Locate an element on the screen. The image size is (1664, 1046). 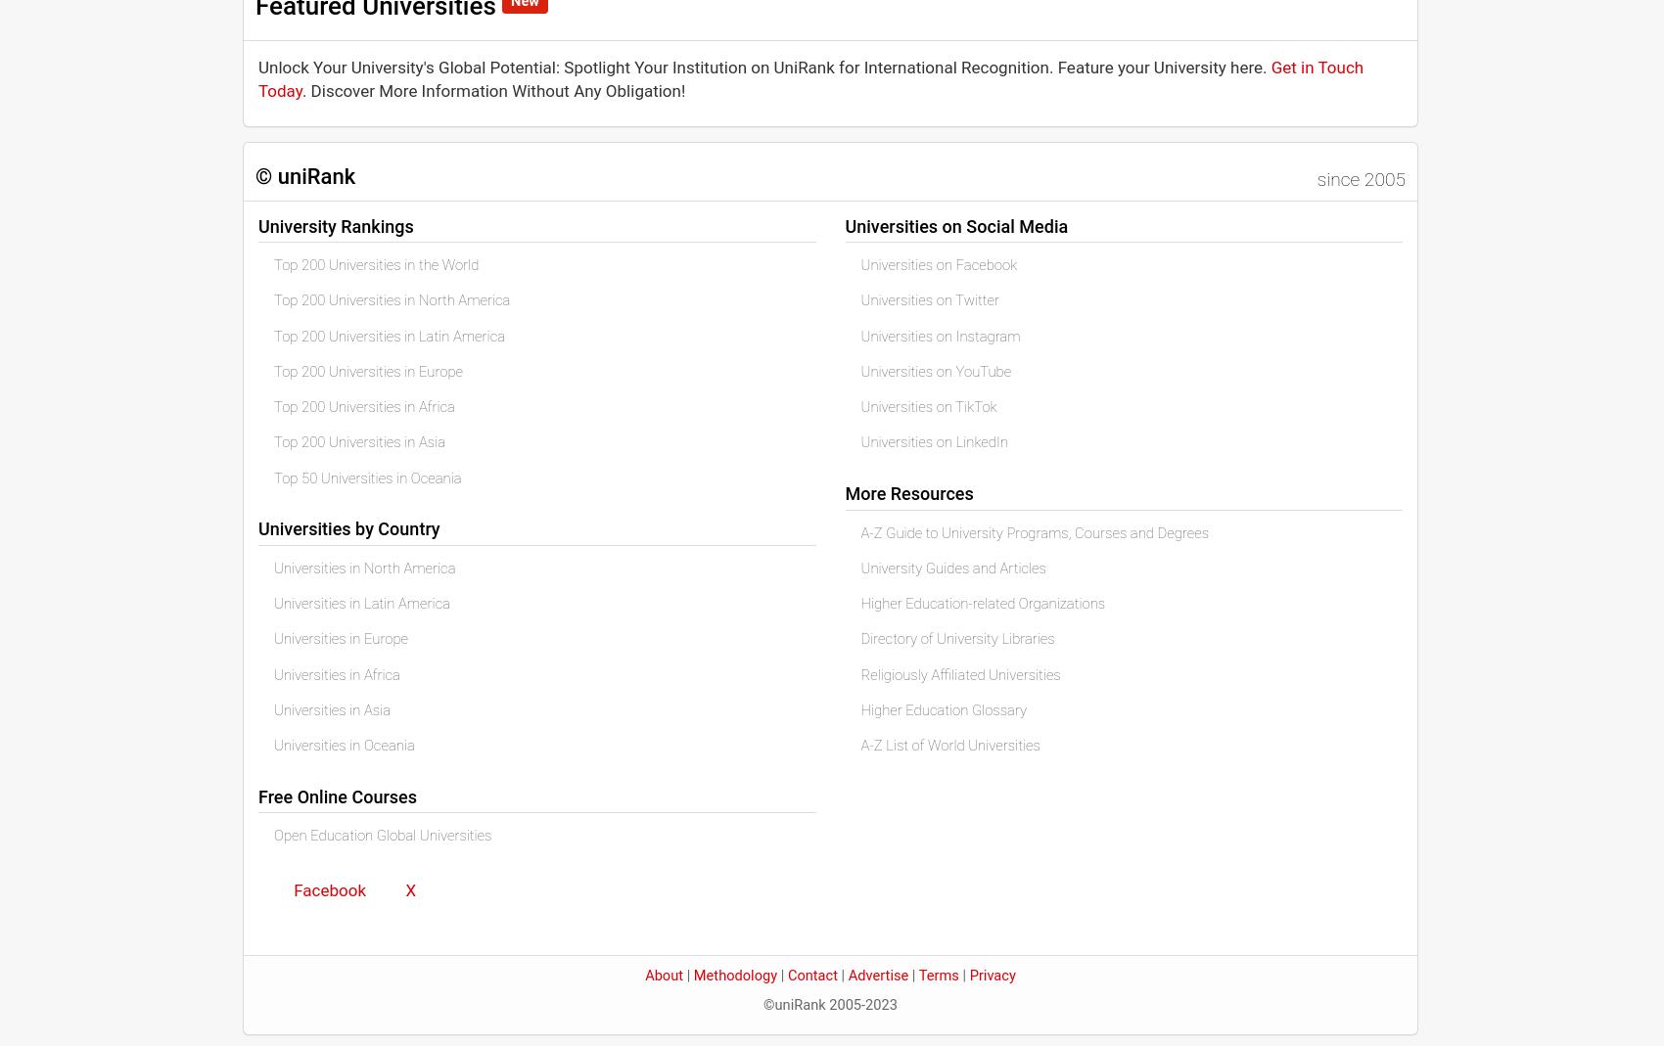
'Top 200 Universities in Asia' is located at coordinates (358, 440).